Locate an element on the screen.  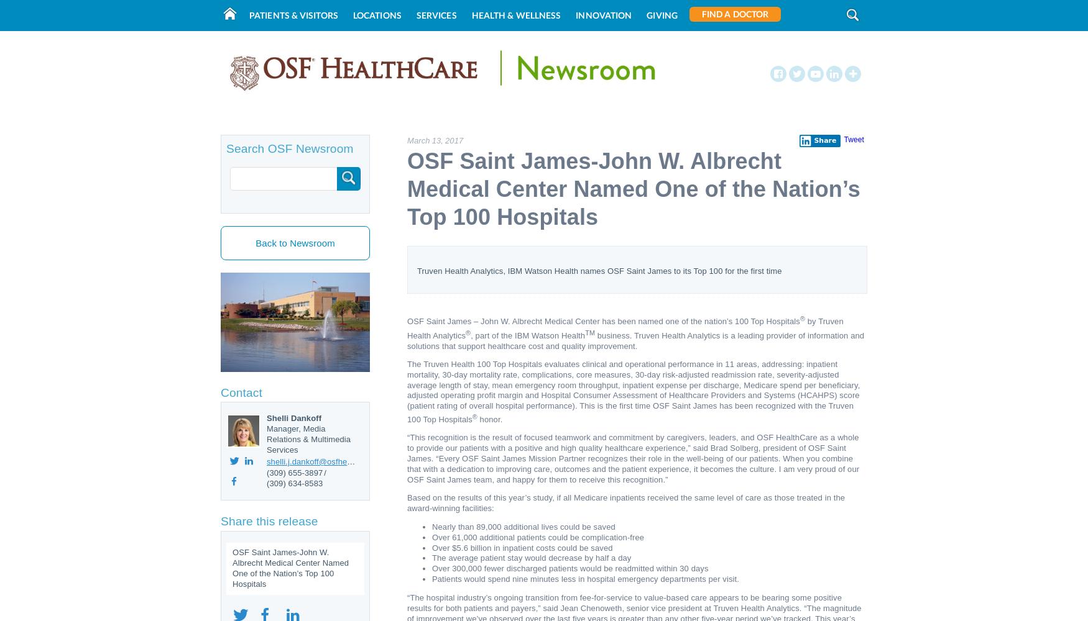
'Shelli Dankoff' is located at coordinates (265, 418).